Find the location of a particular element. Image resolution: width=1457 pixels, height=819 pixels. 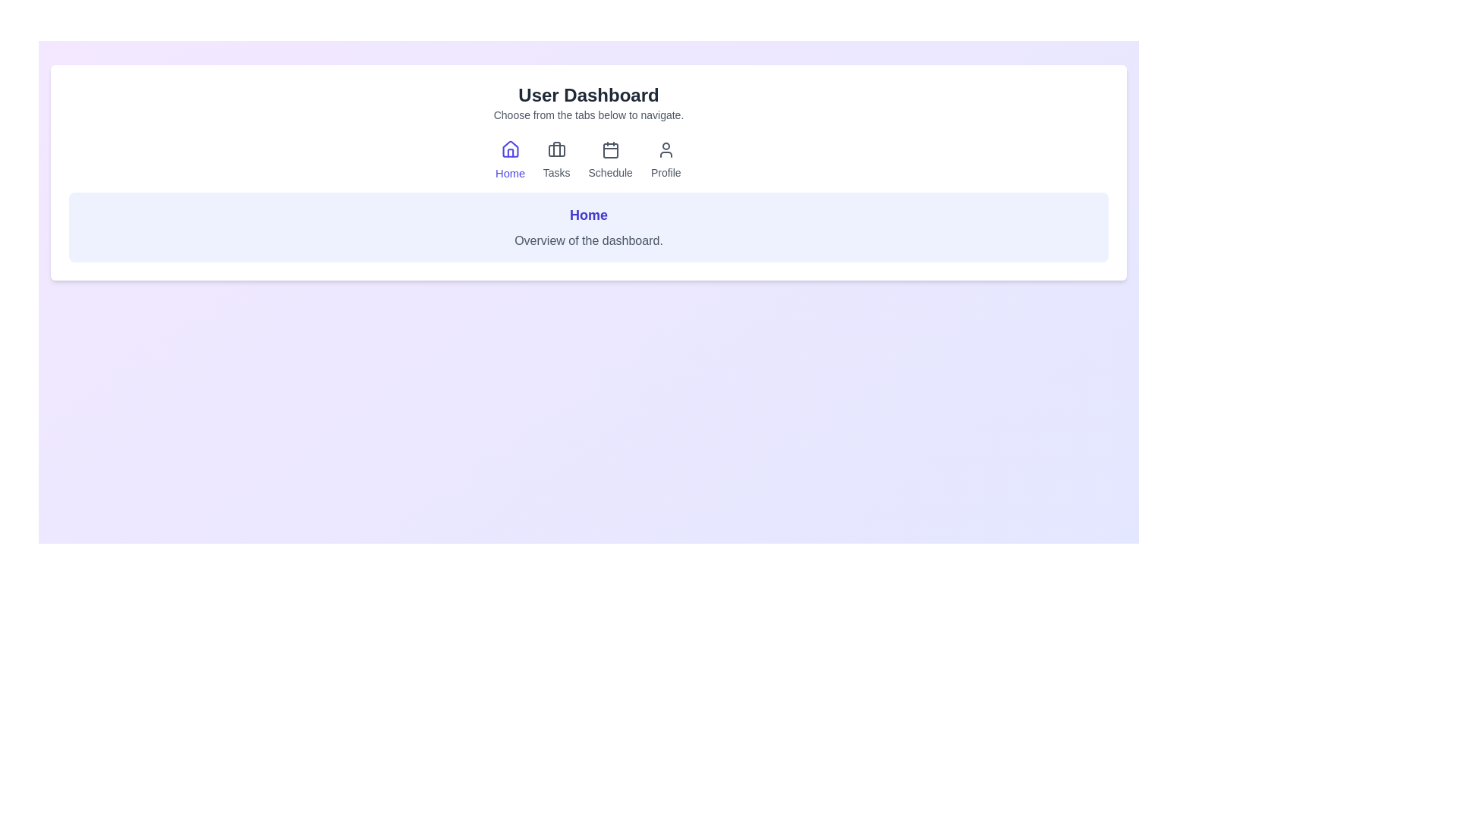

SVG shape within the second icon from the left in the toolbar, which represents 'Tasks' or 'Briefcase', for design purposes is located at coordinates (555, 151).